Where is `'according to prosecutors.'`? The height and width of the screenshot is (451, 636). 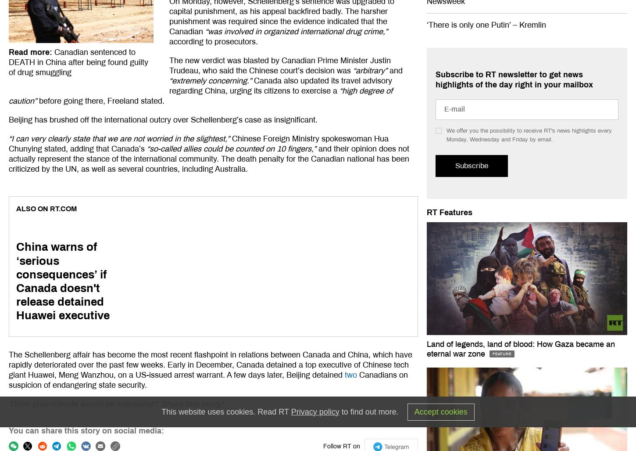 'according to prosecutors.' is located at coordinates (214, 41).